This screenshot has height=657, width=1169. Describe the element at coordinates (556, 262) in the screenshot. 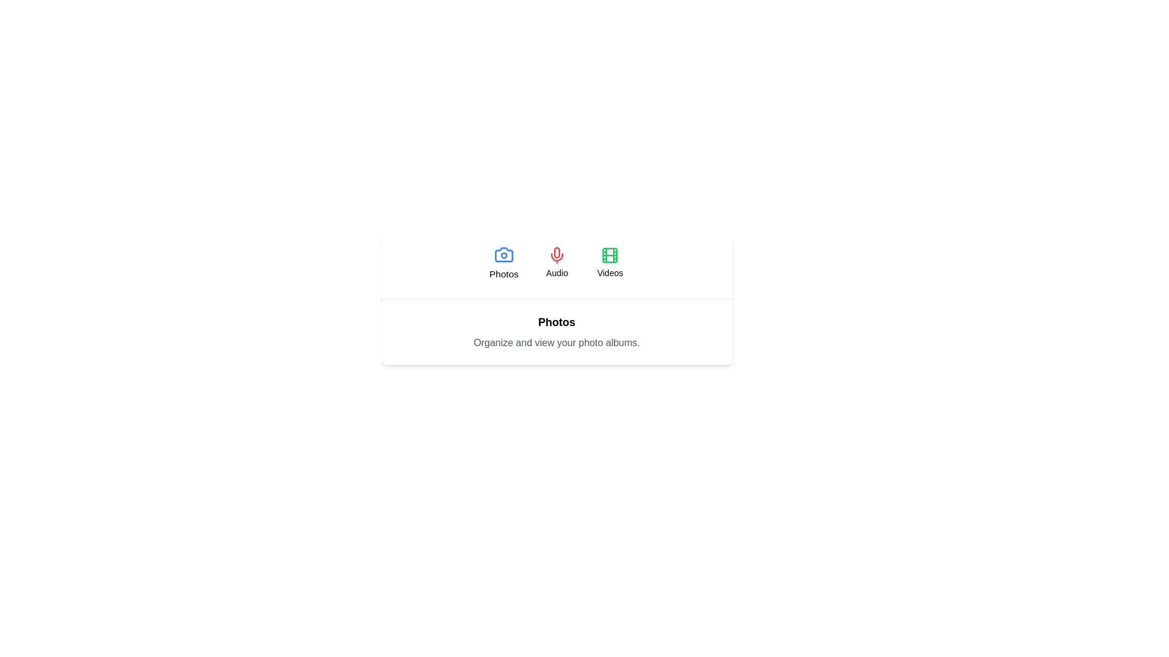

I see `the Audio tab` at that location.